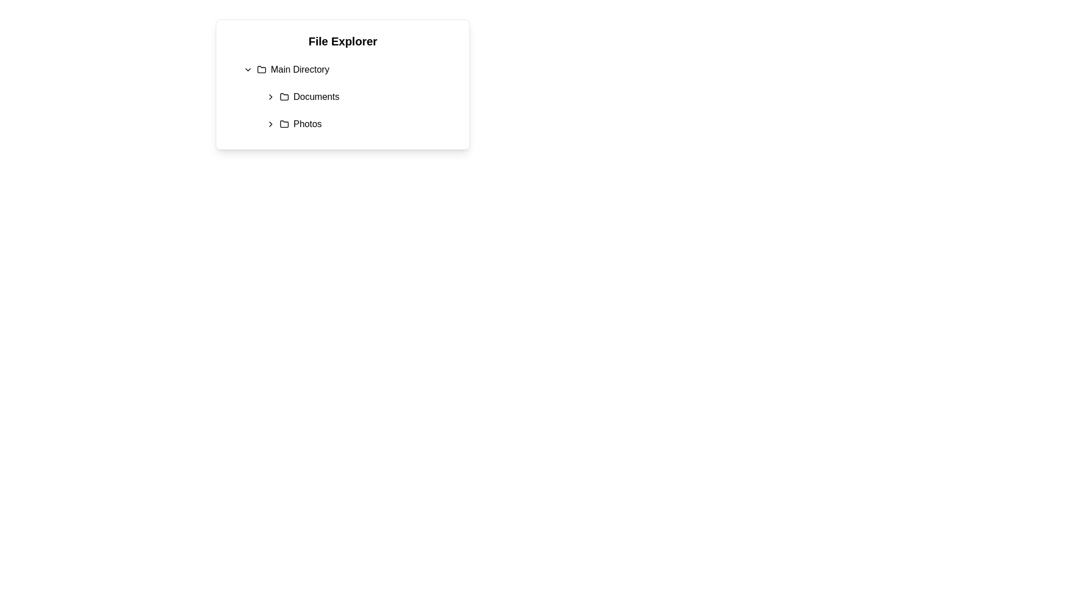 The height and width of the screenshot is (613, 1090). Describe the element at coordinates (316, 96) in the screenshot. I see `the 'Documents' folder label` at that location.